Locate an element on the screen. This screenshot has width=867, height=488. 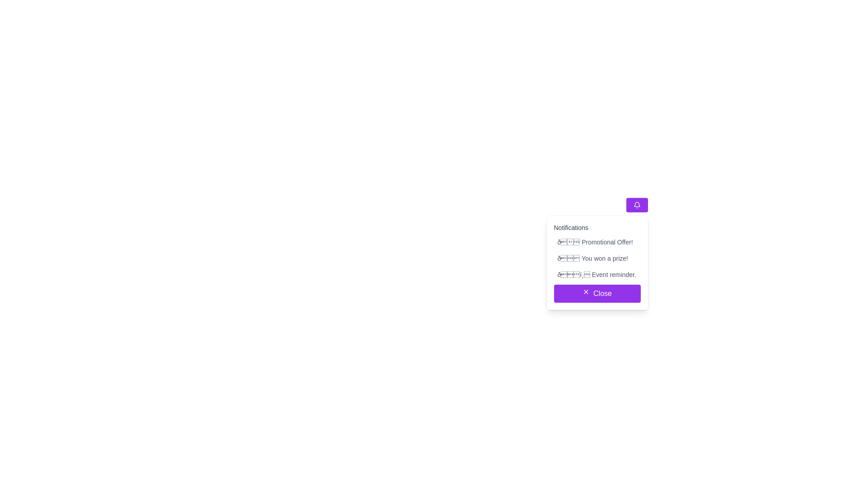
the decorative 'X' icon located within the bottom purple button labeled 'Close' on the notification card is located at coordinates (586, 291).